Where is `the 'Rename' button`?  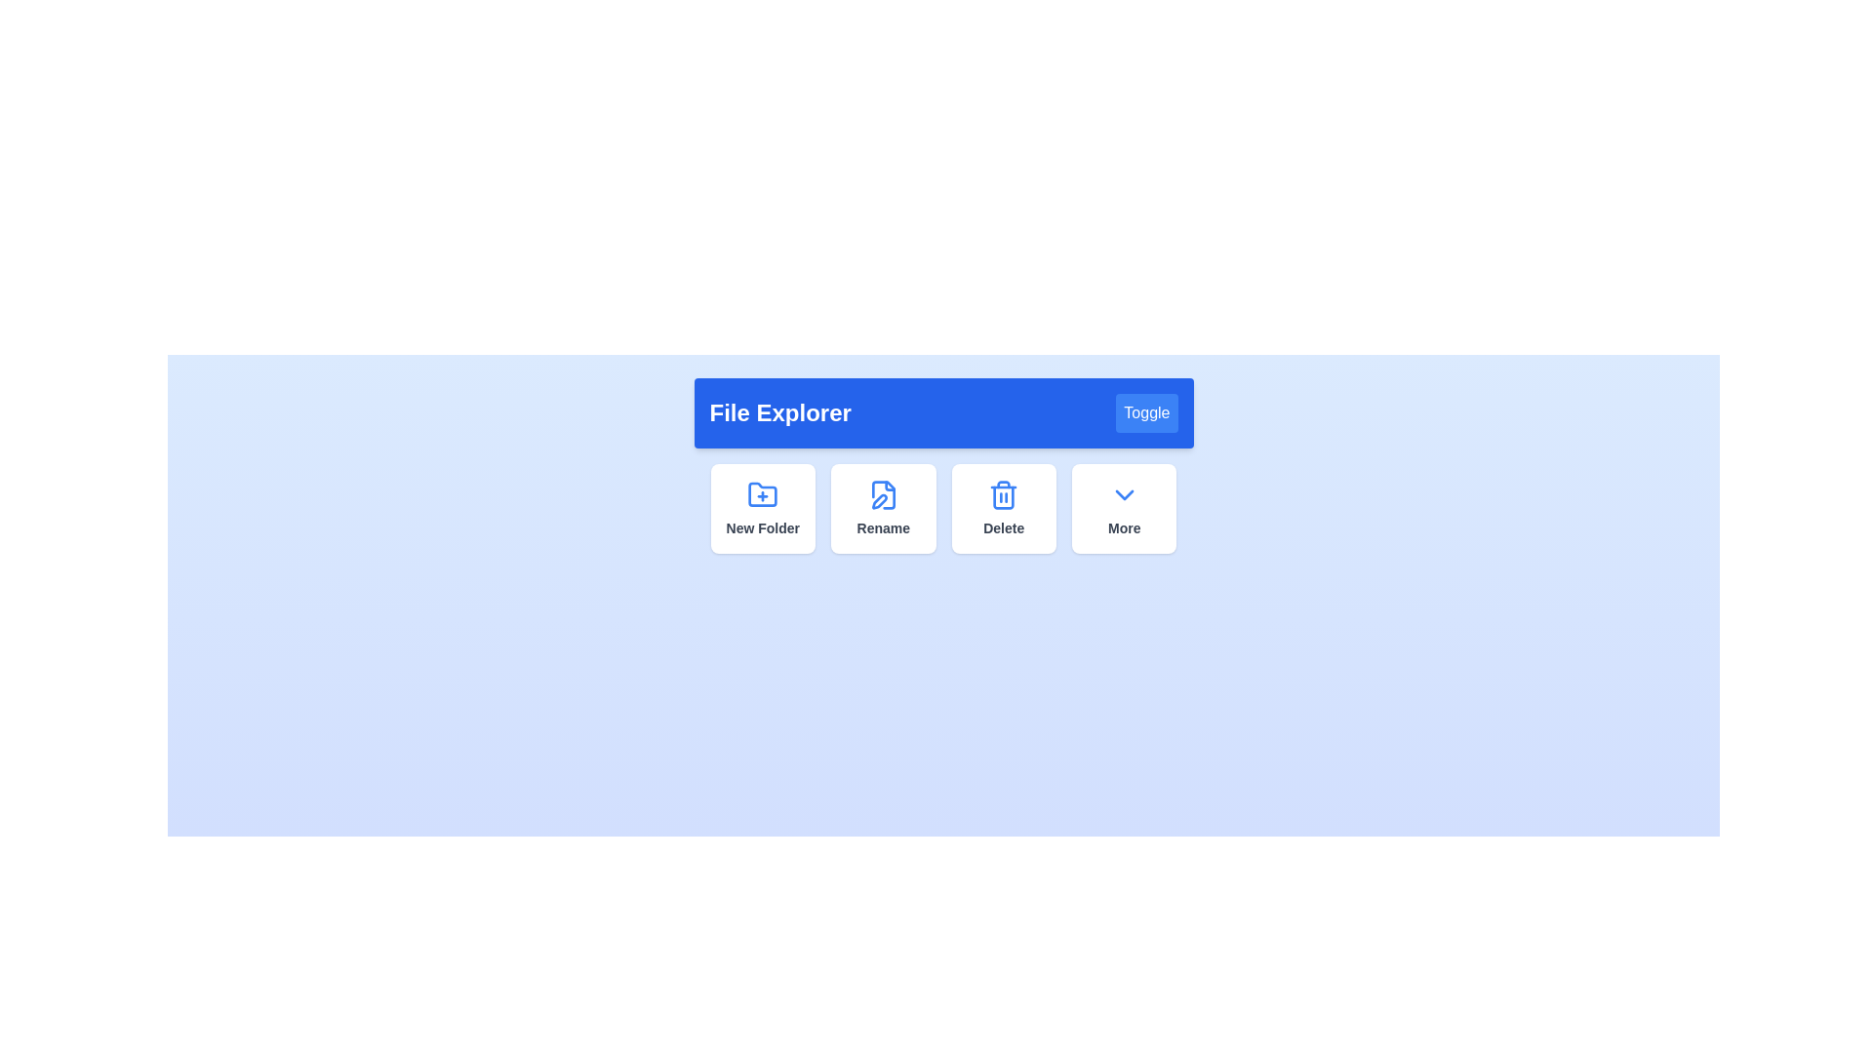
the 'Rename' button is located at coordinates (882, 507).